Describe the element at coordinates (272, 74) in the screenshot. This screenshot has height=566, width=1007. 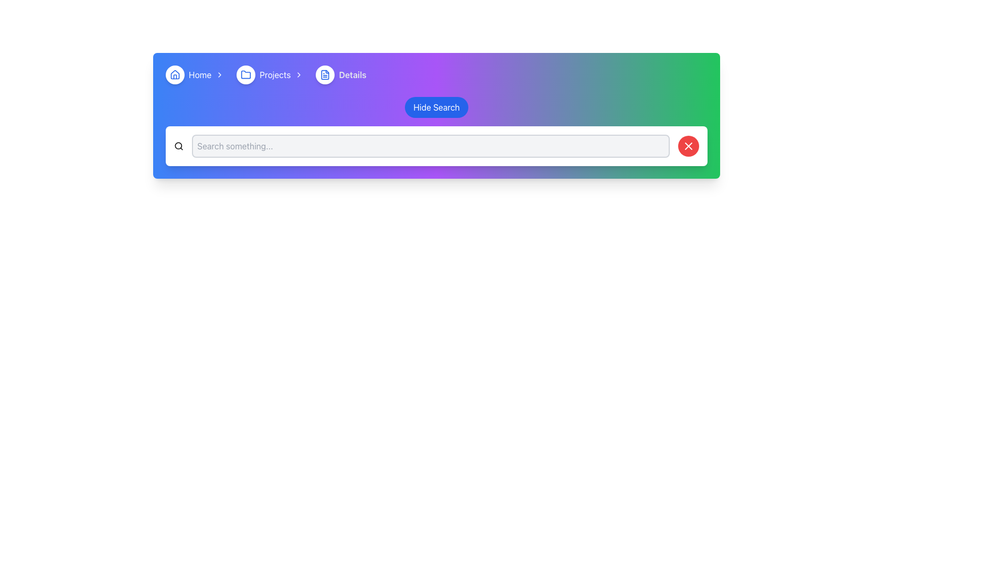
I see `the second breadcrumb navigation item which is positioned between 'Home' and 'Details'` at that location.